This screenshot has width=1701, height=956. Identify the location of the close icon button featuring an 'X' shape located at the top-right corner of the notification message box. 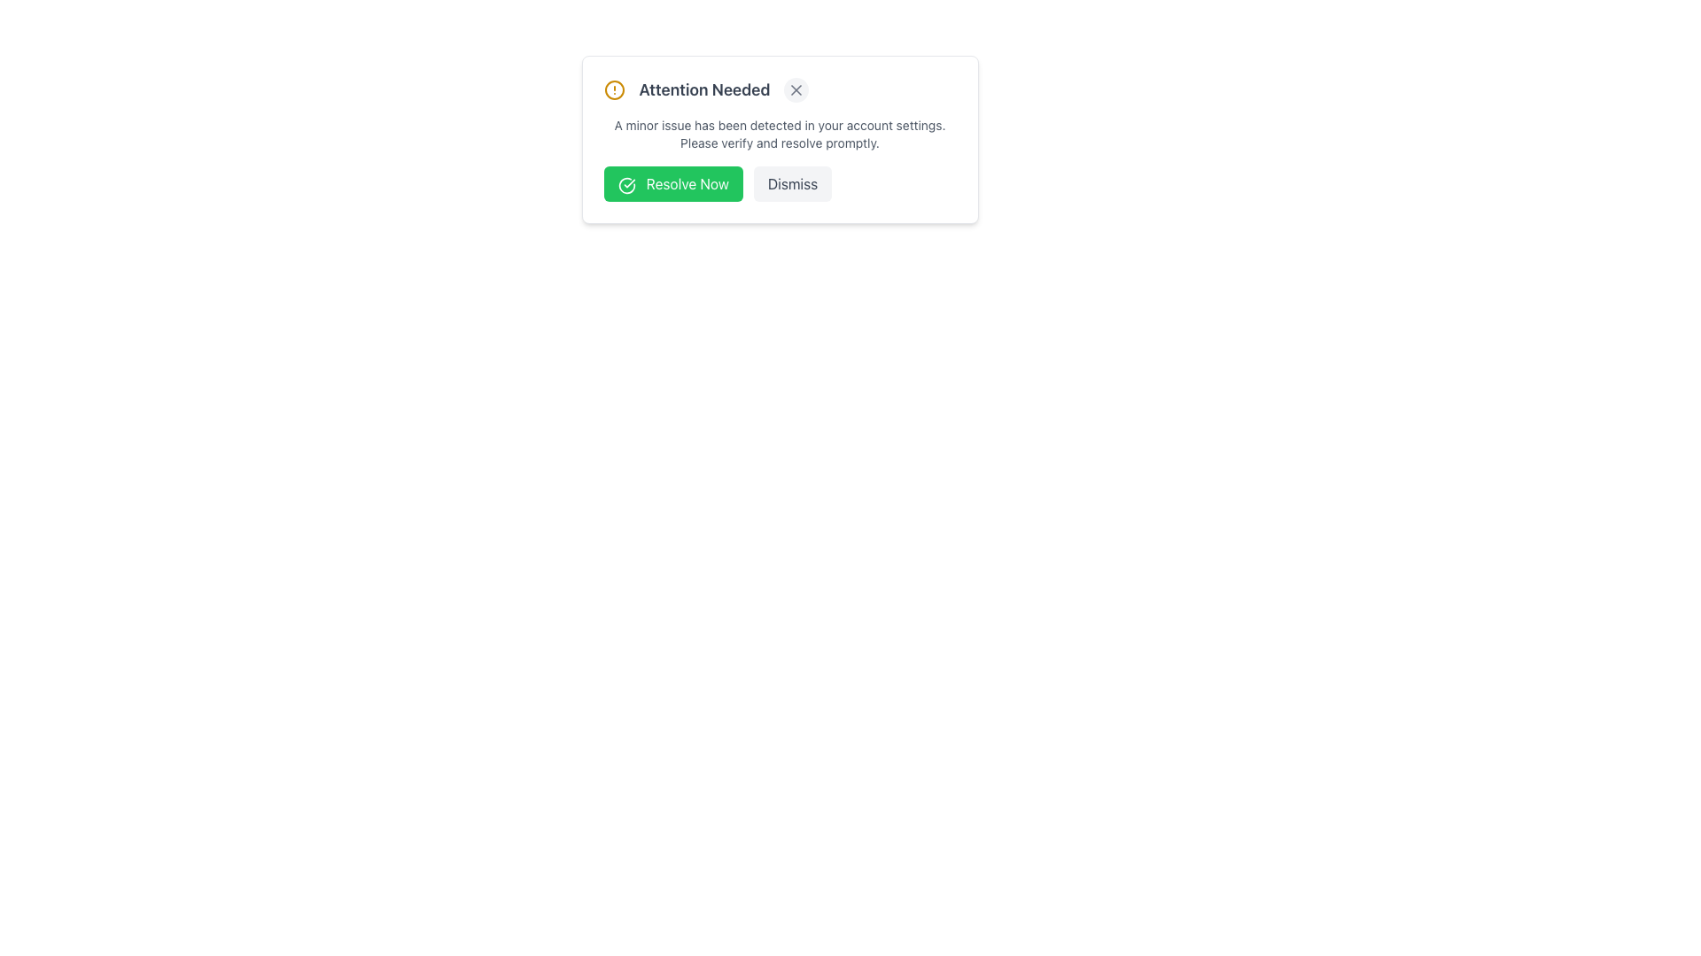
(796, 89).